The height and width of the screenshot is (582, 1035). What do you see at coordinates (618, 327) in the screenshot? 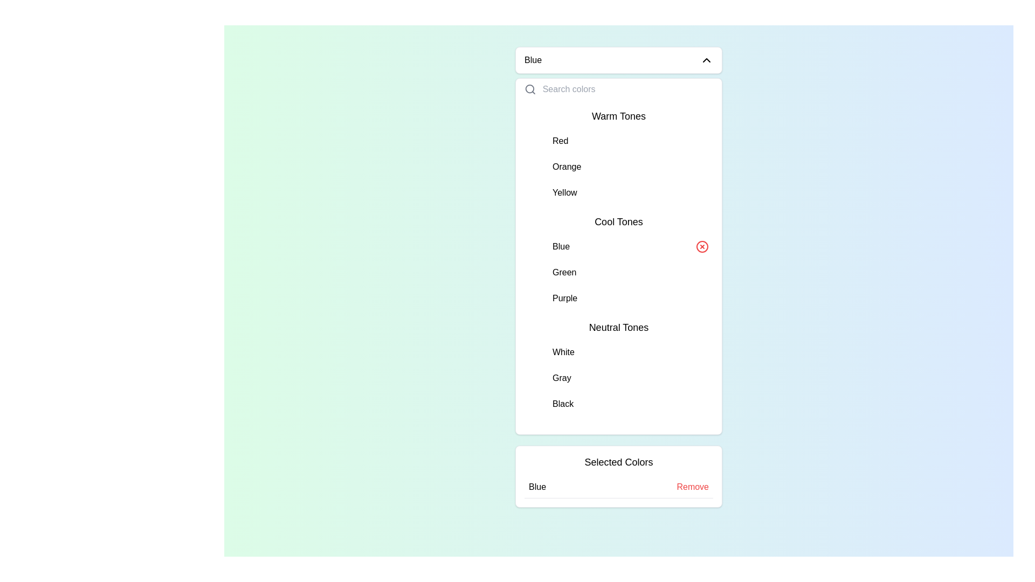
I see `the 'Neutral Tones' label in the color selection menu, which categorizes the colors White, Gray, and Black` at bounding box center [618, 327].